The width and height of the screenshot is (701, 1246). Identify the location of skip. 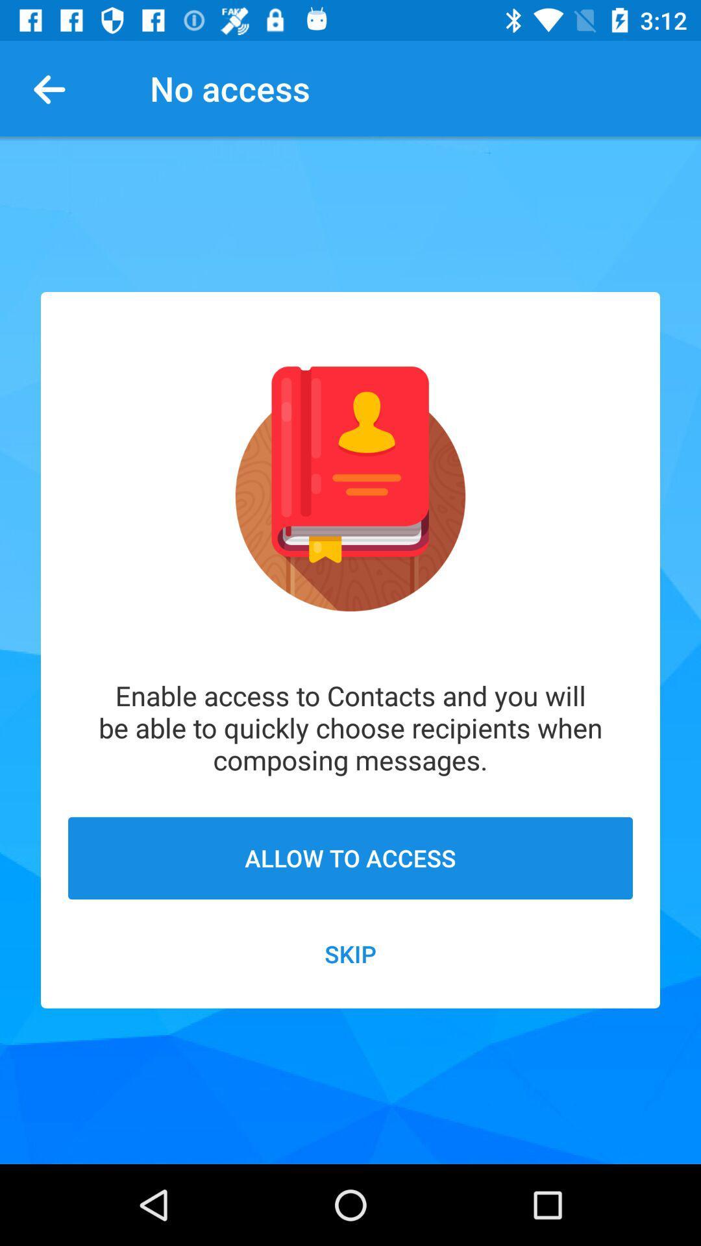
(350, 953).